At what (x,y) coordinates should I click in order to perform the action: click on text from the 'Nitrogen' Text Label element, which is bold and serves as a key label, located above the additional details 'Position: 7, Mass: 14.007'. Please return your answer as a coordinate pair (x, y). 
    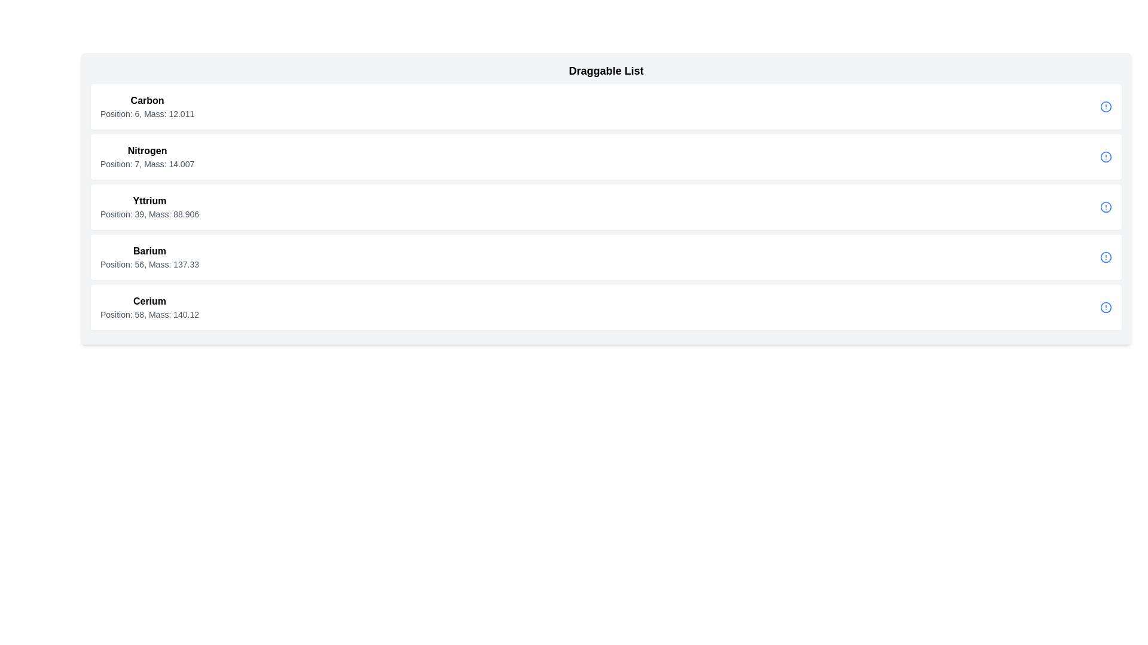
    Looking at the image, I should click on (146, 150).